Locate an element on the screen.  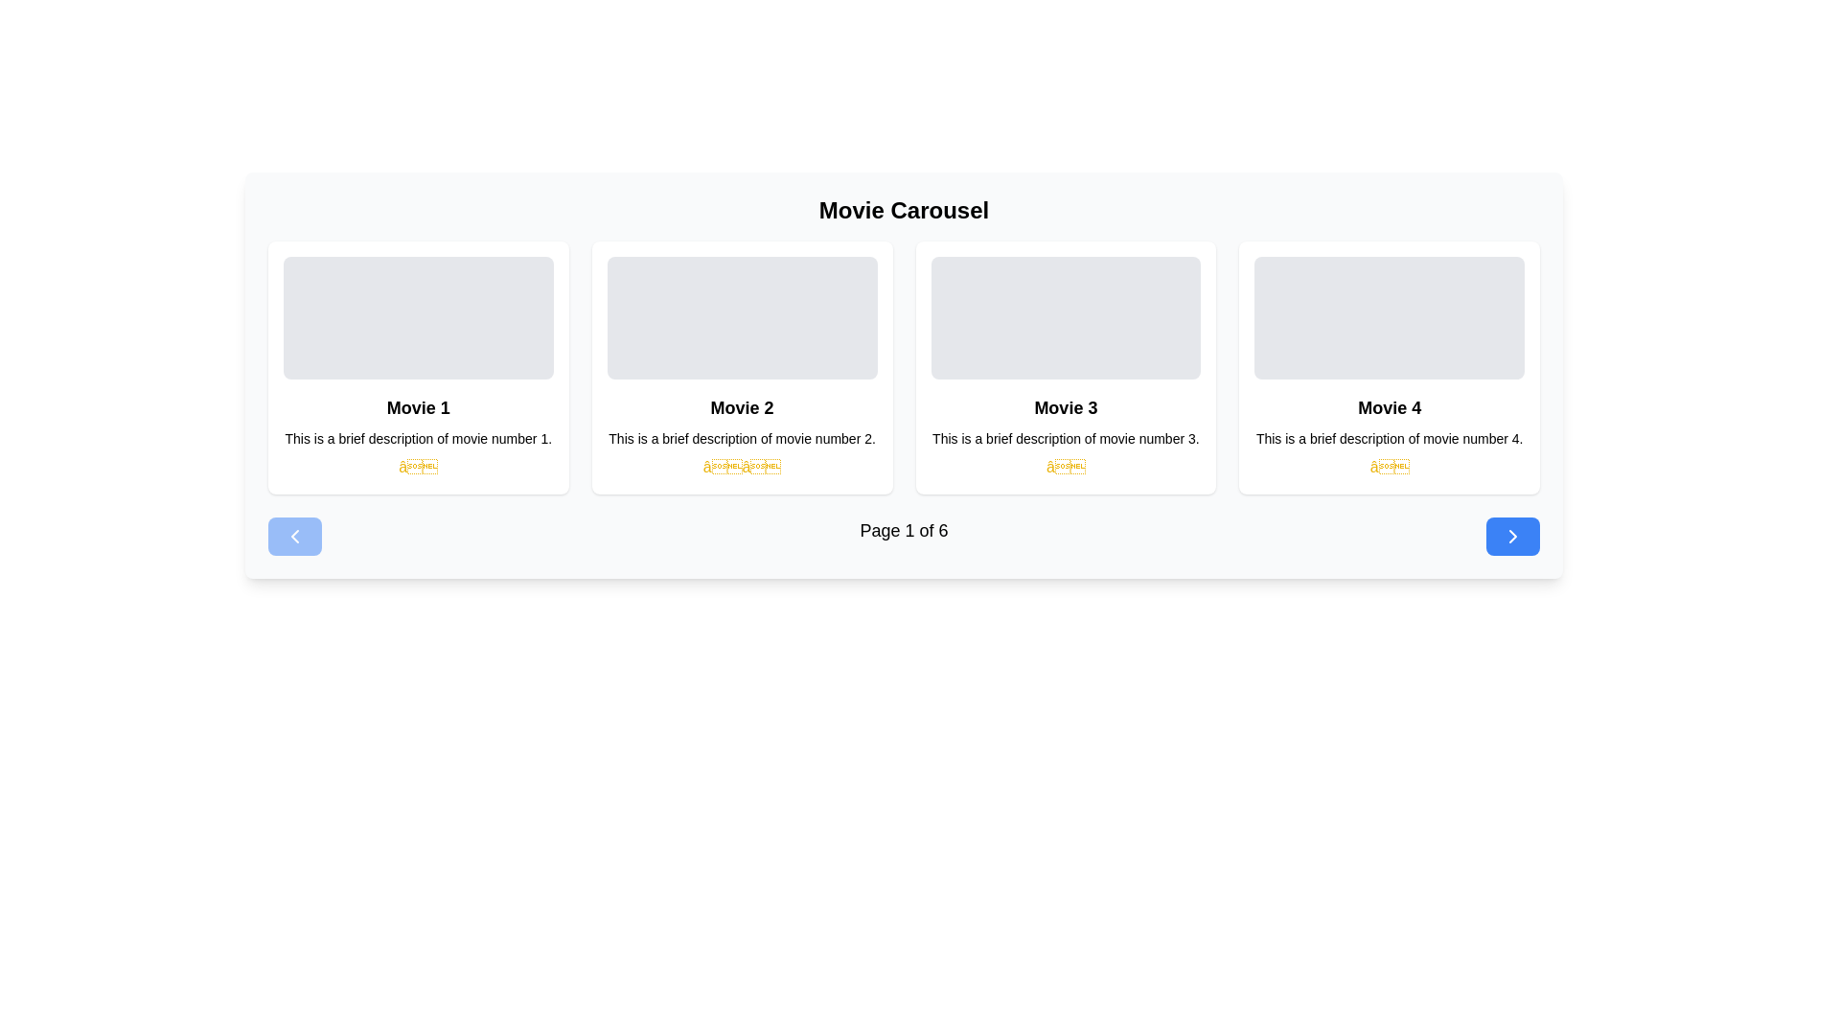
the rectangular image placeholder with rounded edges and a solid light gray background that is the topmost sibling in the card for 'Movie 2' is located at coordinates (741, 316).